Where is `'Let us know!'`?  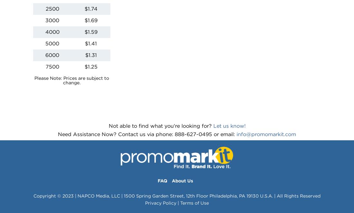
'Let us know!' is located at coordinates (213, 125).